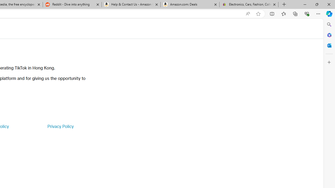  I want to click on 'Privacy Policy', so click(60, 126).